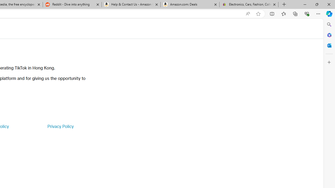  I want to click on 'Privacy Policy', so click(60, 126).